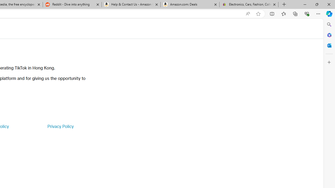  I want to click on 'Privacy Policy', so click(60, 126).